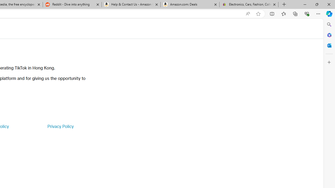  I want to click on 'Privacy Policy', so click(60, 126).